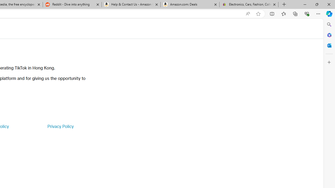  I want to click on 'Privacy Policy', so click(60, 126).